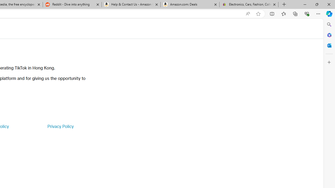  I want to click on 'Privacy Policy', so click(60, 126).